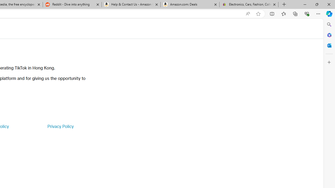  I want to click on 'Privacy Policy', so click(60, 126).